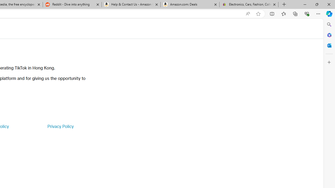  I want to click on 'Privacy Policy', so click(60, 126).